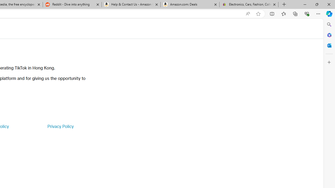  I want to click on 'Privacy Policy', so click(60, 126).